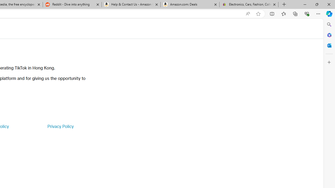  I want to click on 'Privacy Policy', so click(60, 126).